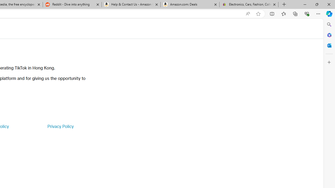  I want to click on 'Privacy Policy', so click(60, 126).